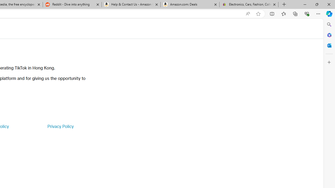  I want to click on 'Privacy Policy', so click(60, 126).